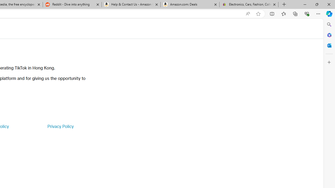  I want to click on 'Privacy Policy', so click(60, 126).